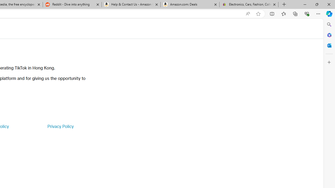  I want to click on 'Privacy Policy', so click(60, 126).